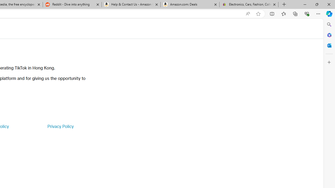  I want to click on 'Privacy Policy', so click(60, 126).